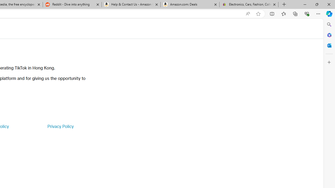  I want to click on 'Privacy Policy', so click(60, 126).